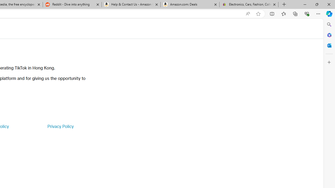  I want to click on 'Privacy Policy', so click(60, 126).